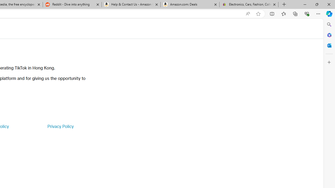  I want to click on 'Privacy Policy', so click(60, 126).